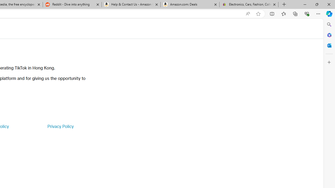  I want to click on 'Privacy Policy', so click(60, 126).